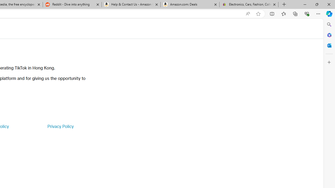  I want to click on 'Privacy Policy', so click(60, 126).